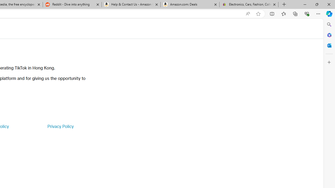  I want to click on 'Privacy Policy', so click(60, 126).